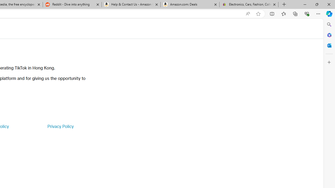  I want to click on 'Privacy Policy', so click(60, 126).